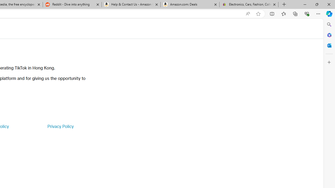  I want to click on 'Privacy Policy', so click(60, 126).